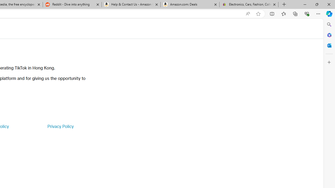  I want to click on 'Privacy Policy', so click(60, 126).